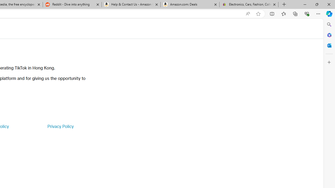  I want to click on 'Privacy Policy', so click(60, 126).